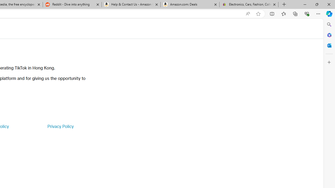  I want to click on 'Privacy Policy', so click(60, 126).